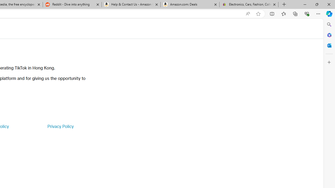  I want to click on 'Privacy Policy', so click(60, 126).